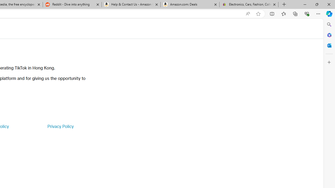  I want to click on 'Privacy Policy', so click(60, 126).